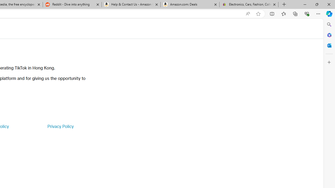  I want to click on 'Privacy Policy', so click(60, 126).